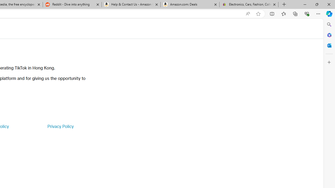  I want to click on 'Privacy Policy', so click(60, 126).